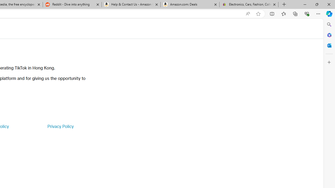  I want to click on 'Privacy Policy', so click(60, 126).